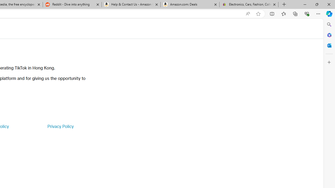  I want to click on 'Privacy Policy', so click(60, 126).